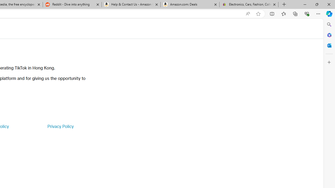  I want to click on 'Privacy Policy', so click(60, 126).